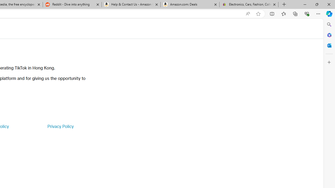  I want to click on 'Privacy Policy', so click(60, 126).